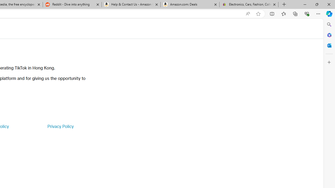  I want to click on 'Privacy Policy', so click(60, 126).